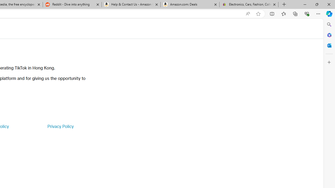  I want to click on 'Privacy Policy', so click(60, 126).